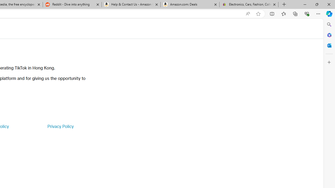  I want to click on 'Privacy Policy', so click(60, 126).